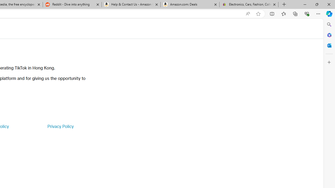  I want to click on 'Privacy Policy', so click(60, 126).